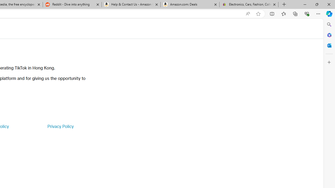  I want to click on 'Privacy Policy', so click(60, 126).